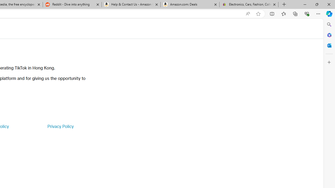  I want to click on 'Privacy Policy', so click(60, 126).